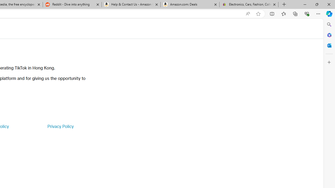  I want to click on 'Privacy Policy', so click(60, 126).